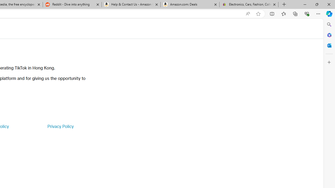  I want to click on 'Privacy Policy', so click(60, 126).